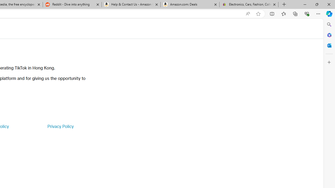  I want to click on 'Privacy Policy', so click(60, 126).